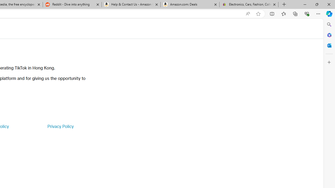  I want to click on 'Privacy Policy', so click(60, 126).